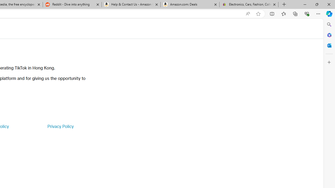  I want to click on 'Privacy Policy', so click(60, 126).